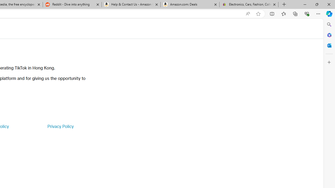  I want to click on 'Privacy Policy', so click(60, 126).